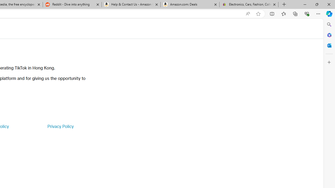  I want to click on 'Privacy Policy', so click(60, 126).